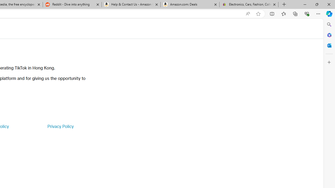  I want to click on 'Privacy Policy', so click(60, 126).